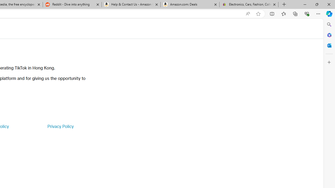  I want to click on 'Privacy Policy', so click(60, 126).